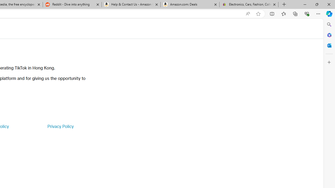  I want to click on 'Privacy Policy', so click(60, 126).